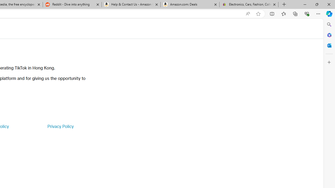  I want to click on 'Privacy Policy', so click(60, 126).